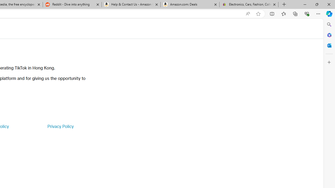  I want to click on 'Privacy Policy', so click(60, 126).